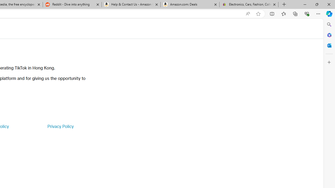  I want to click on 'Privacy Policy', so click(60, 126).